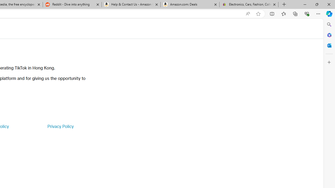  I want to click on 'Privacy Policy', so click(60, 126).